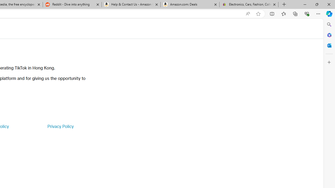  I want to click on 'Privacy Policy', so click(60, 126).